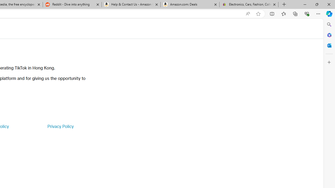  I want to click on 'Privacy Policy', so click(60, 126).